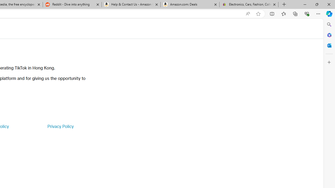  I want to click on 'Privacy Policy', so click(60, 126).